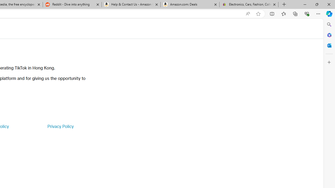  I want to click on 'Privacy Policy', so click(60, 126).